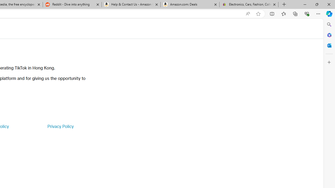  I want to click on 'Privacy Policy', so click(60, 126).